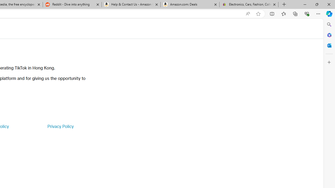  I want to click on 'Privacy Policy', so click(60, 126).